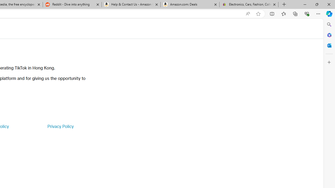  I want to click on 'Privacy Policy', so click(60, 126).